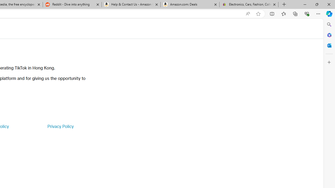  I want to click on 'Privacy Policy', so click(60, 126).